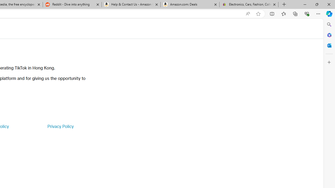  I want to click on 'Privacy Policy', so click(60, 126).